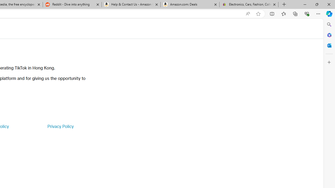  I want to click on 'Privacy Policy', so click(60, 126).